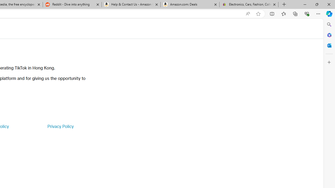  I want to click on 'Privacy Policy', so click(60, 126).